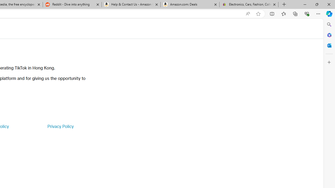  I want to click on 'Privacy Policy', so click(60, 126).